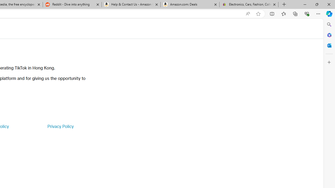  I want to click on 'Privacy Policy', so click(60, 126).